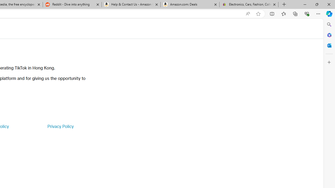  I want to click on 'Privacy Policy', so click(60, 126).